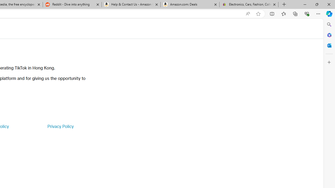  I want to click on 'Privacy Policy', so click(60, 126).